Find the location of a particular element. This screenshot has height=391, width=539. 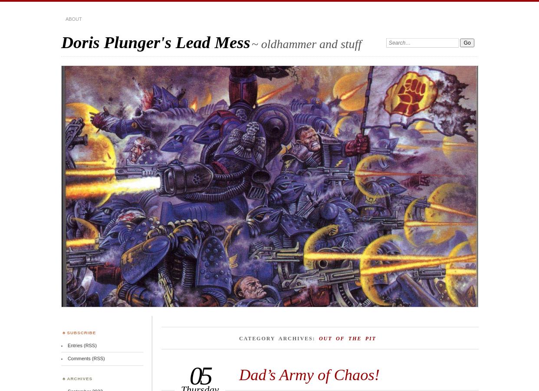

'Entries (RSS)' is located at coordinates (82, 345).